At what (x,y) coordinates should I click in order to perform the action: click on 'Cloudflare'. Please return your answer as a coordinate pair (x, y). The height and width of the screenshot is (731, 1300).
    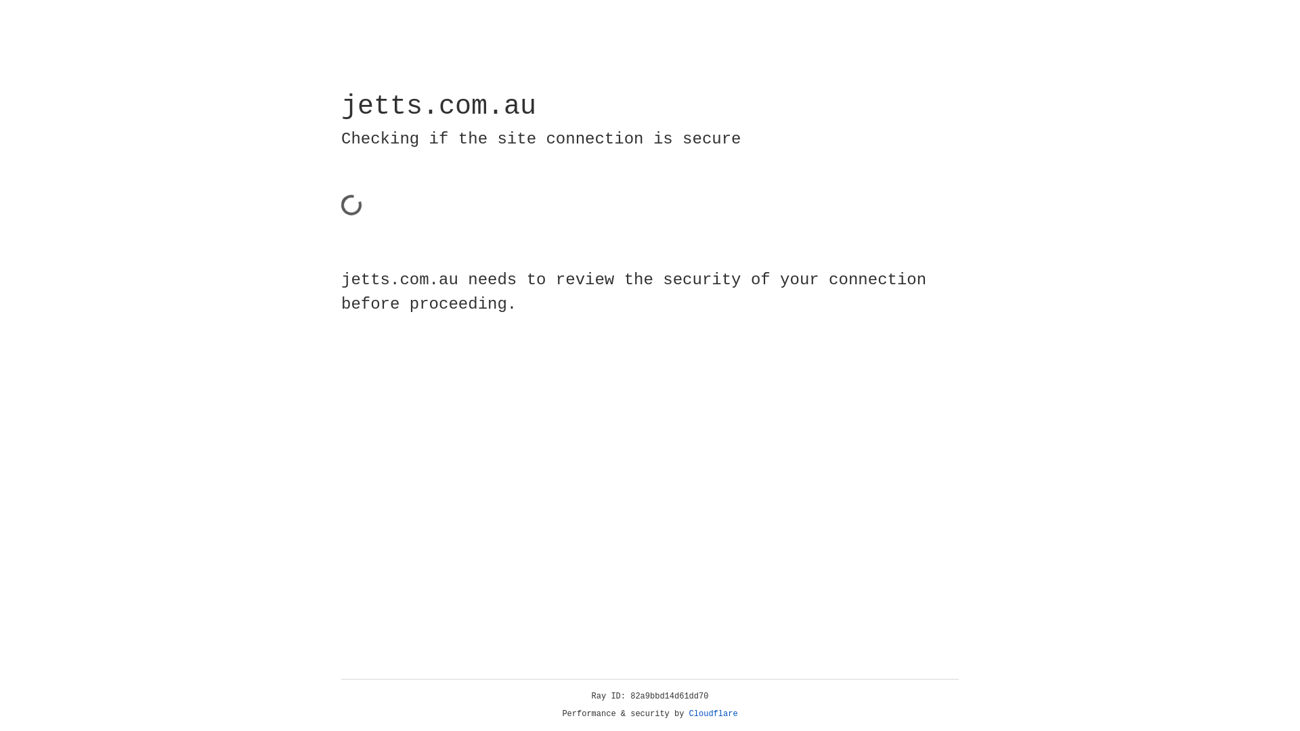
    Looking at the image, I should click on (713, 713).